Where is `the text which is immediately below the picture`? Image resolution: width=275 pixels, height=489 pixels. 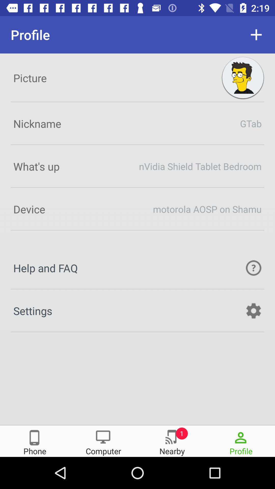 the text which is immediately below the picture is located at coordinates (137, 123).